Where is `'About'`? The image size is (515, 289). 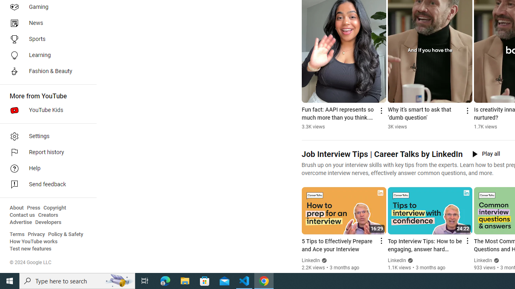
'About' is located at coordinates (16, 208).